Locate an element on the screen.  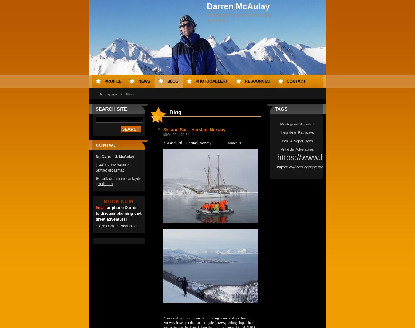
'Antarctica' is located at coordinates (199, 79).